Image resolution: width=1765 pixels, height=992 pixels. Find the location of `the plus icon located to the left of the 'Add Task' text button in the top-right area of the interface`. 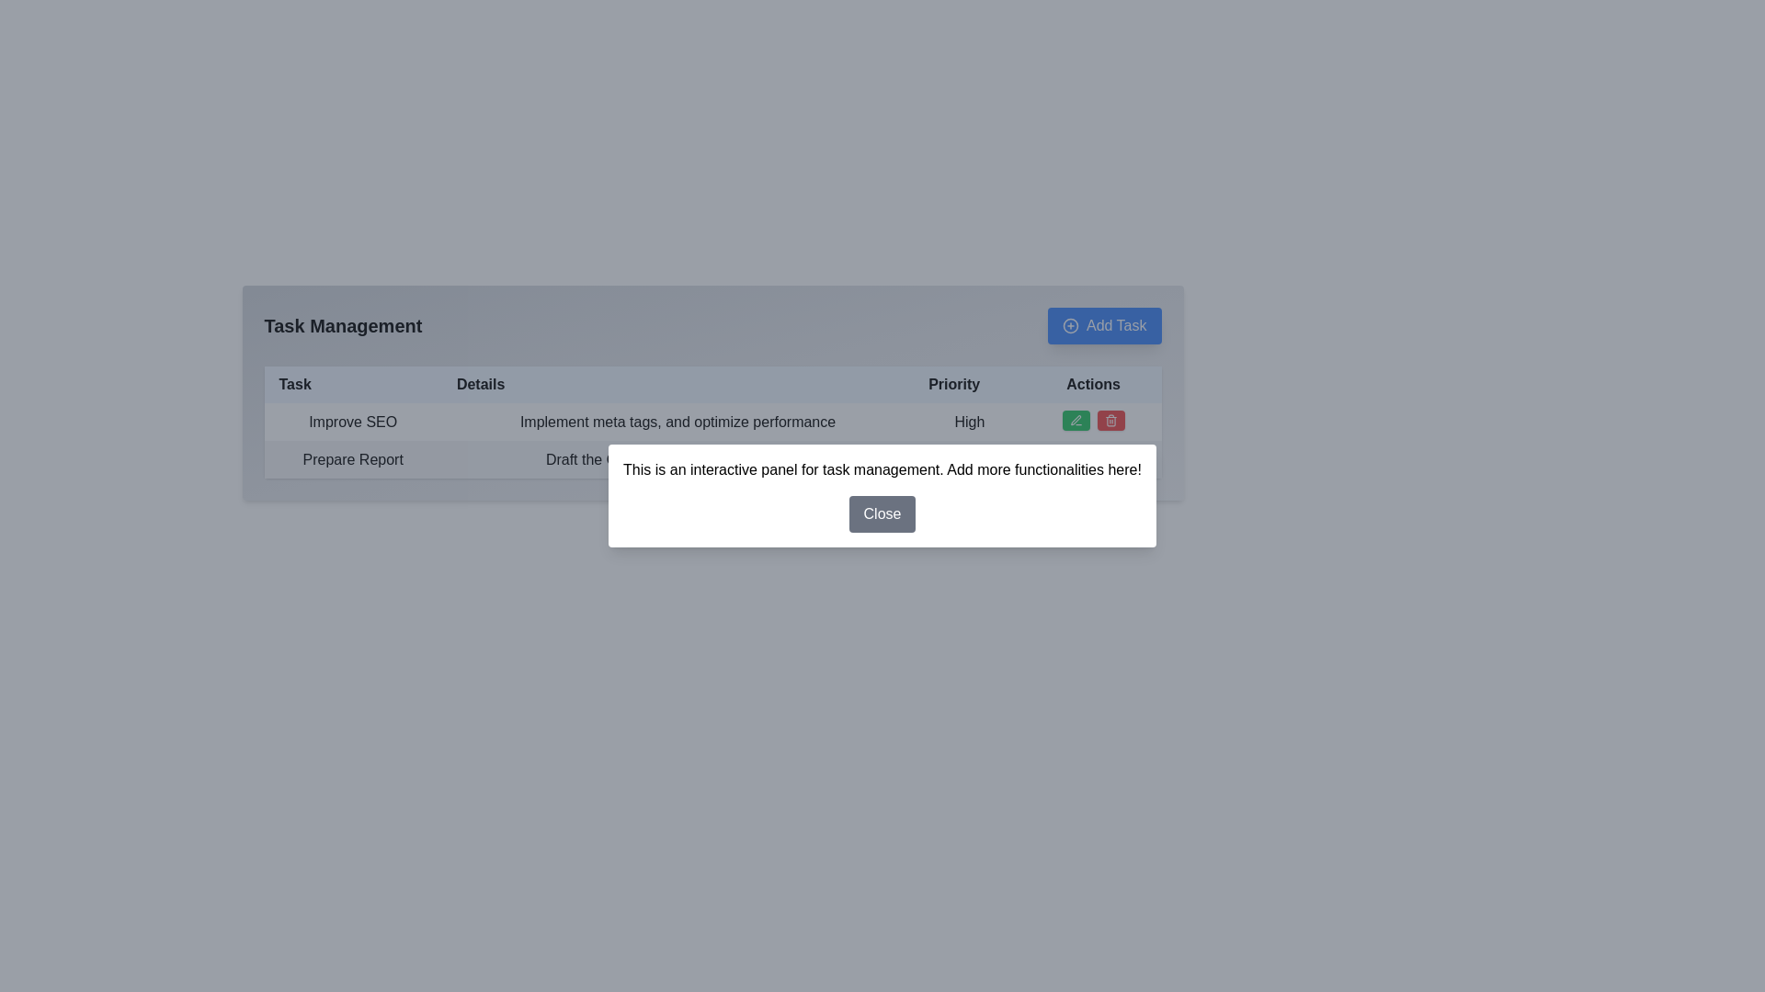

the plus icon located to the left of the 'Add Task' text button in the top-right area of the interface is located at coordinates (1071, 324).